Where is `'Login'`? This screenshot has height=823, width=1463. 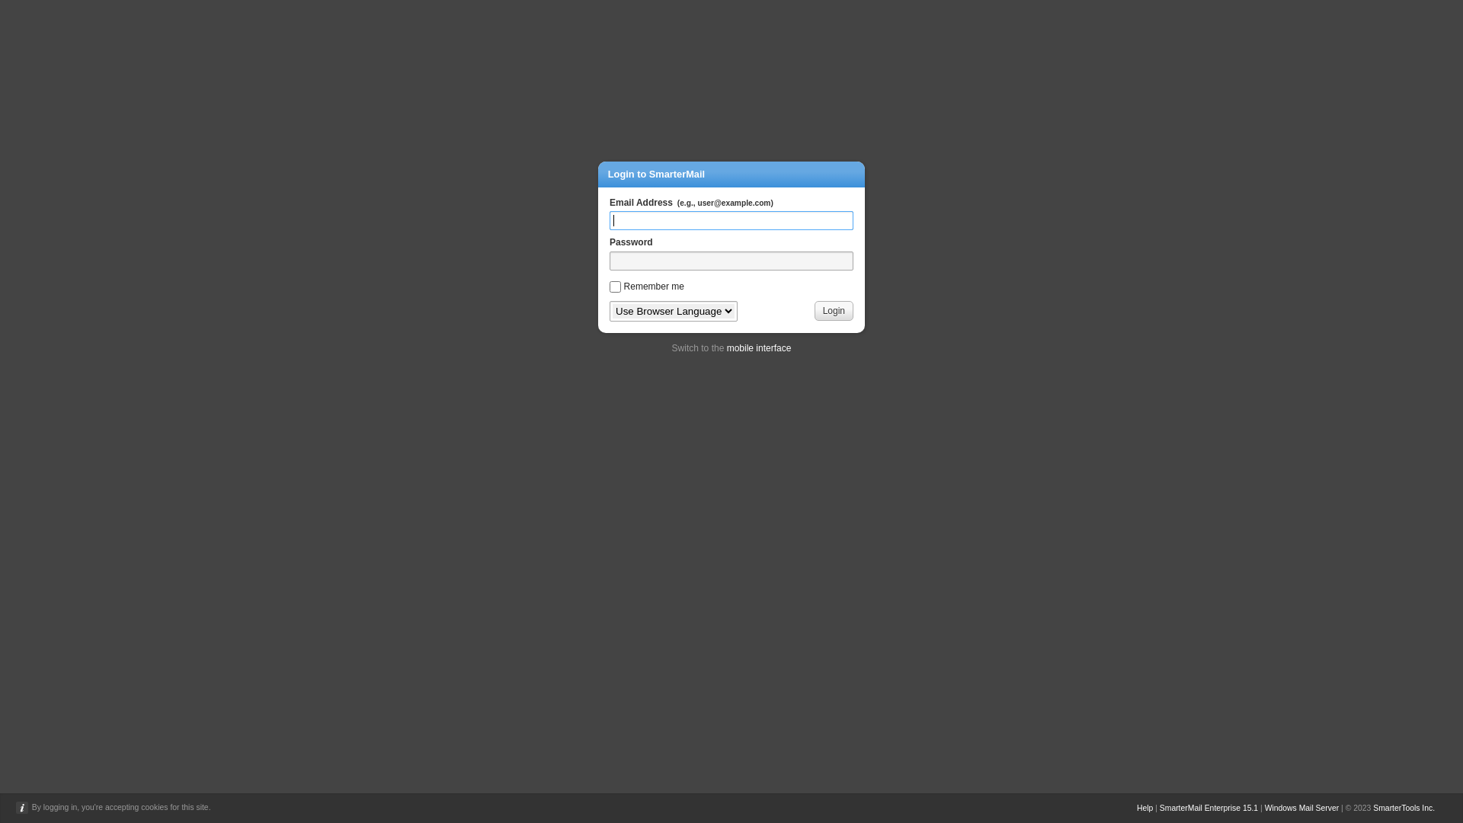 'Login' is located at coordinates (833, 310).